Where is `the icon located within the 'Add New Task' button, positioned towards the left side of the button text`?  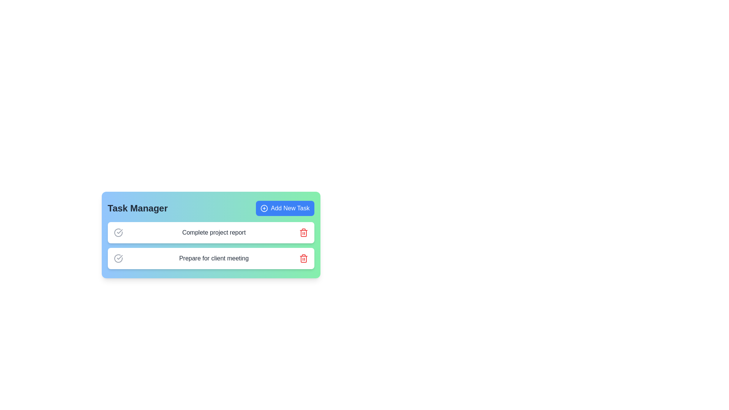
the icon located within the 'Add New Task' button, positioned towards the left side of the button text is located at coordinates (264, 208).